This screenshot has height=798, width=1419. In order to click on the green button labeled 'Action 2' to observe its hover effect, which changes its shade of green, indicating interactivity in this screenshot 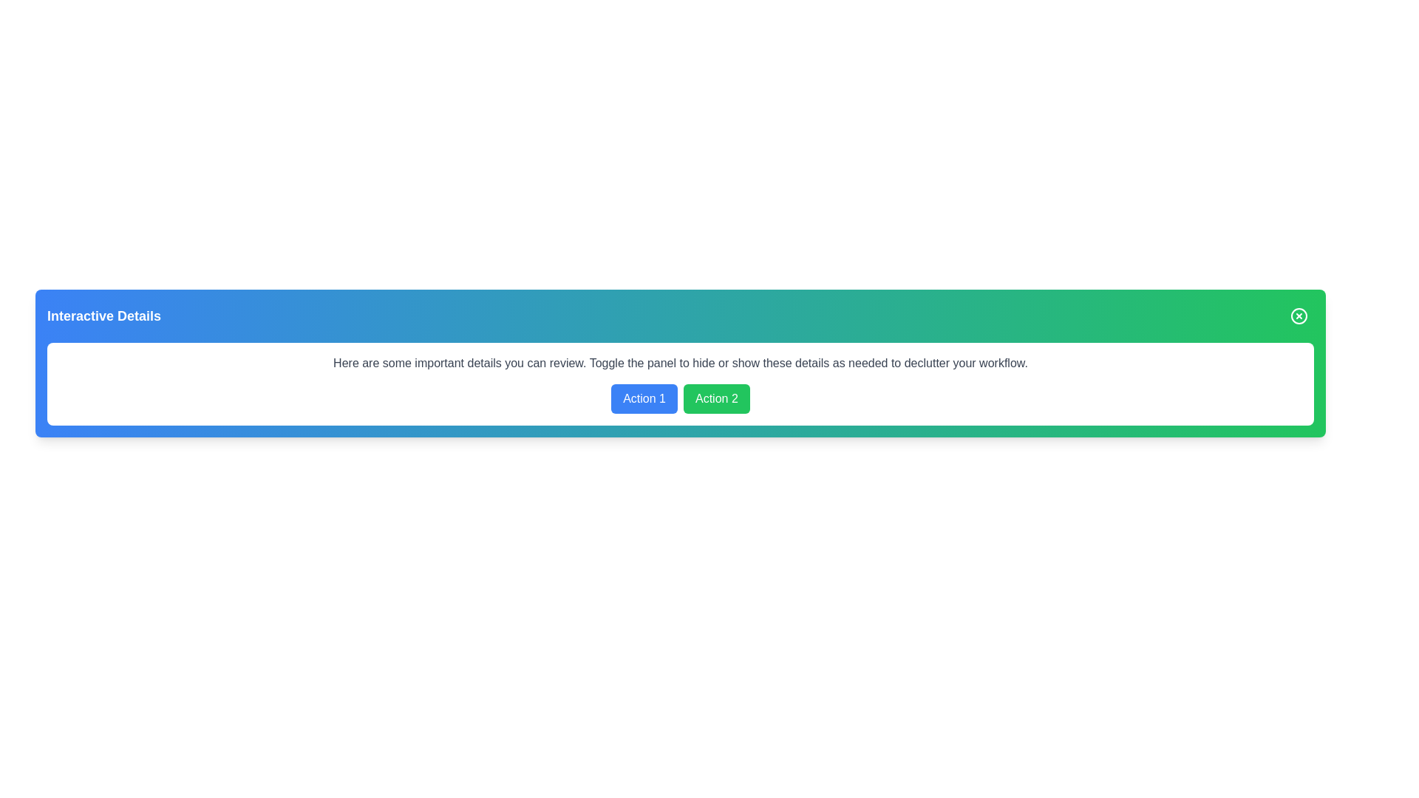, I will do `click(716, 399)`.